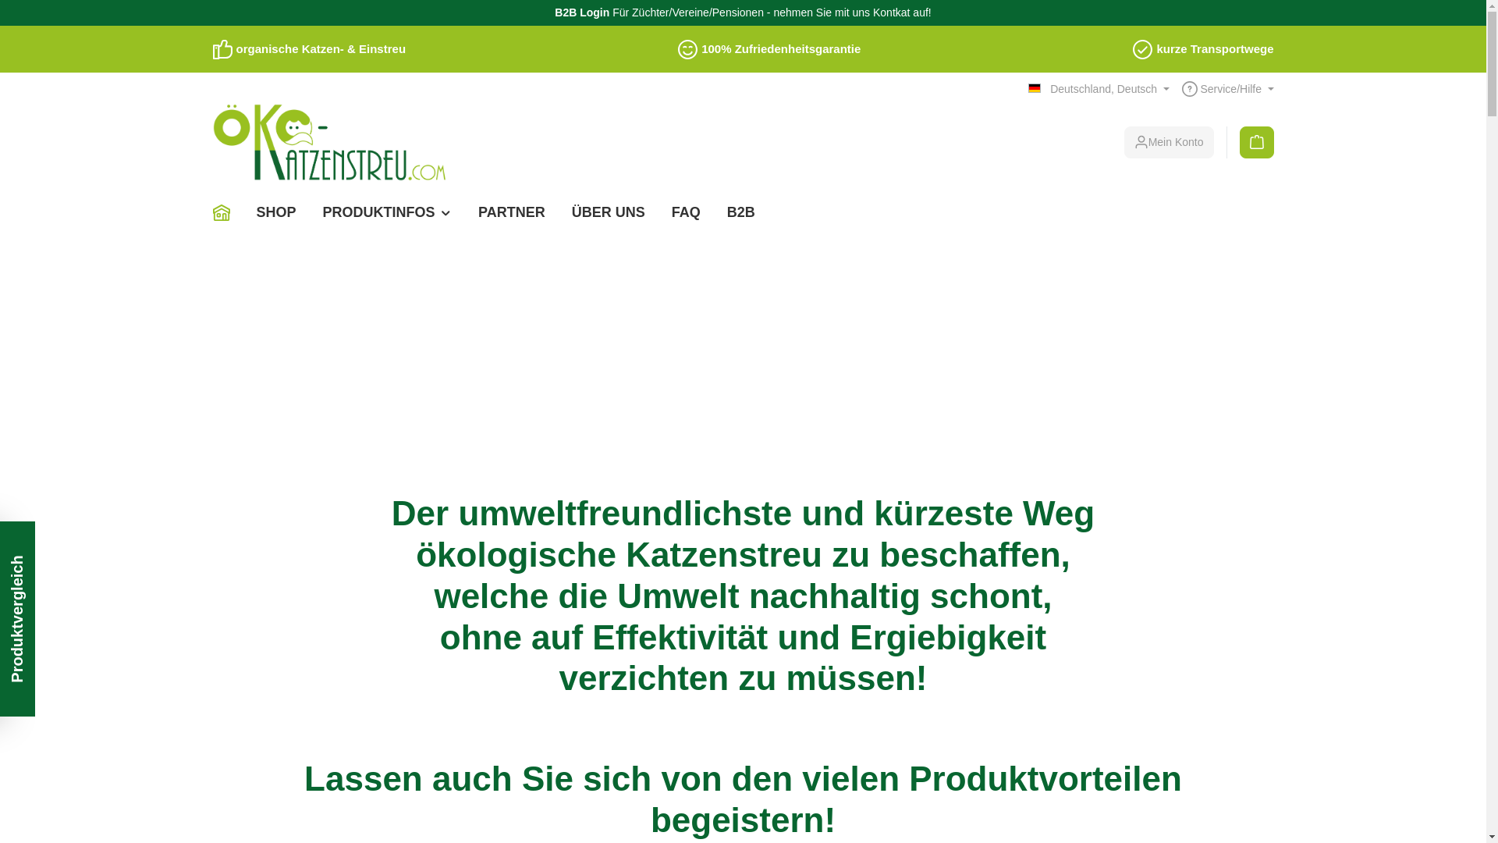 This screenshot has height=843, width=1498. What do you see at coordinates (686, 212) in the screenshot?
I see `'FAQ'` at bounding box center [686, 212].